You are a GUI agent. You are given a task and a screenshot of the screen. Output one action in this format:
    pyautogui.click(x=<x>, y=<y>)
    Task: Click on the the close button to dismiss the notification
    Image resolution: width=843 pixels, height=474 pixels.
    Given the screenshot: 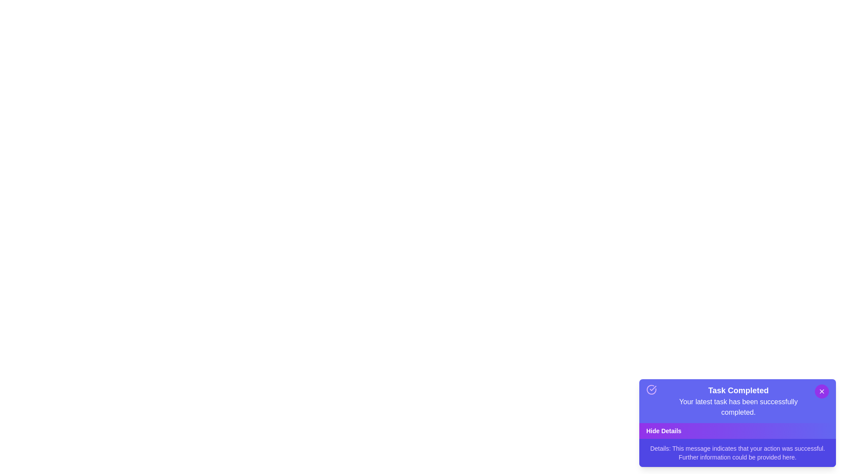 What is the action you would take?
    pyautogui.click(x=821, y=391)
    